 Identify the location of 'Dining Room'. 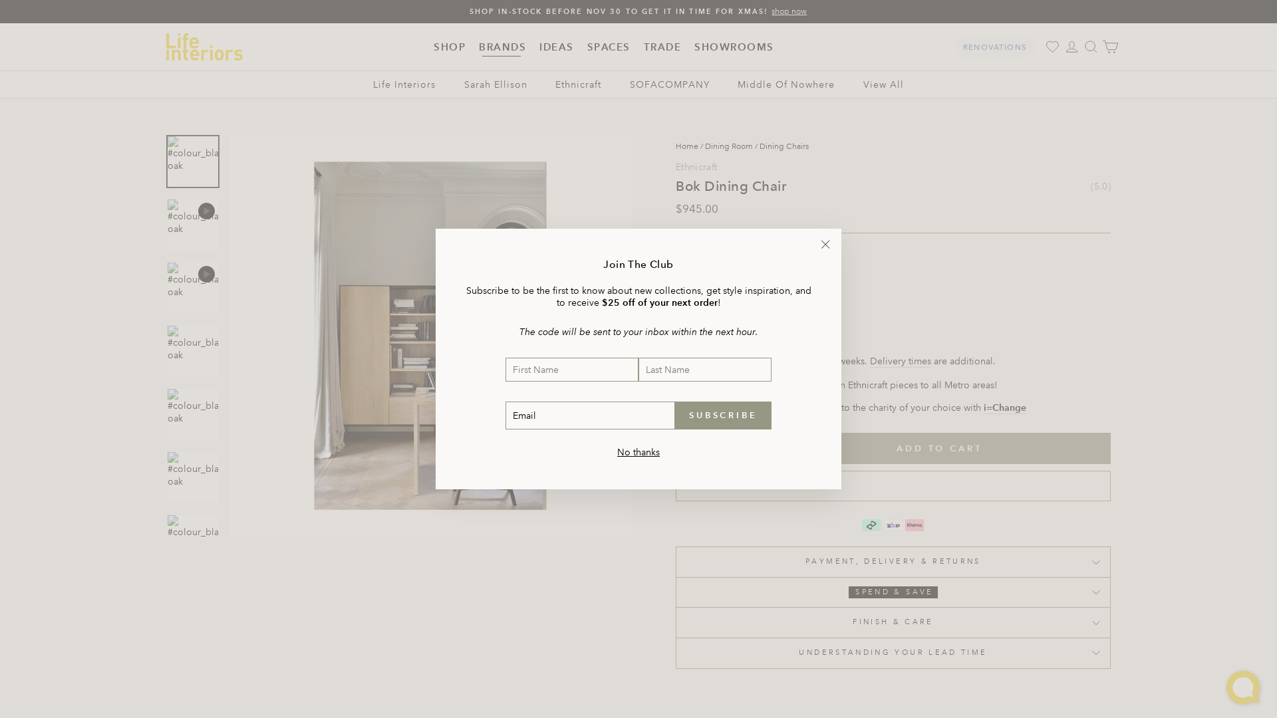
(728, 146).